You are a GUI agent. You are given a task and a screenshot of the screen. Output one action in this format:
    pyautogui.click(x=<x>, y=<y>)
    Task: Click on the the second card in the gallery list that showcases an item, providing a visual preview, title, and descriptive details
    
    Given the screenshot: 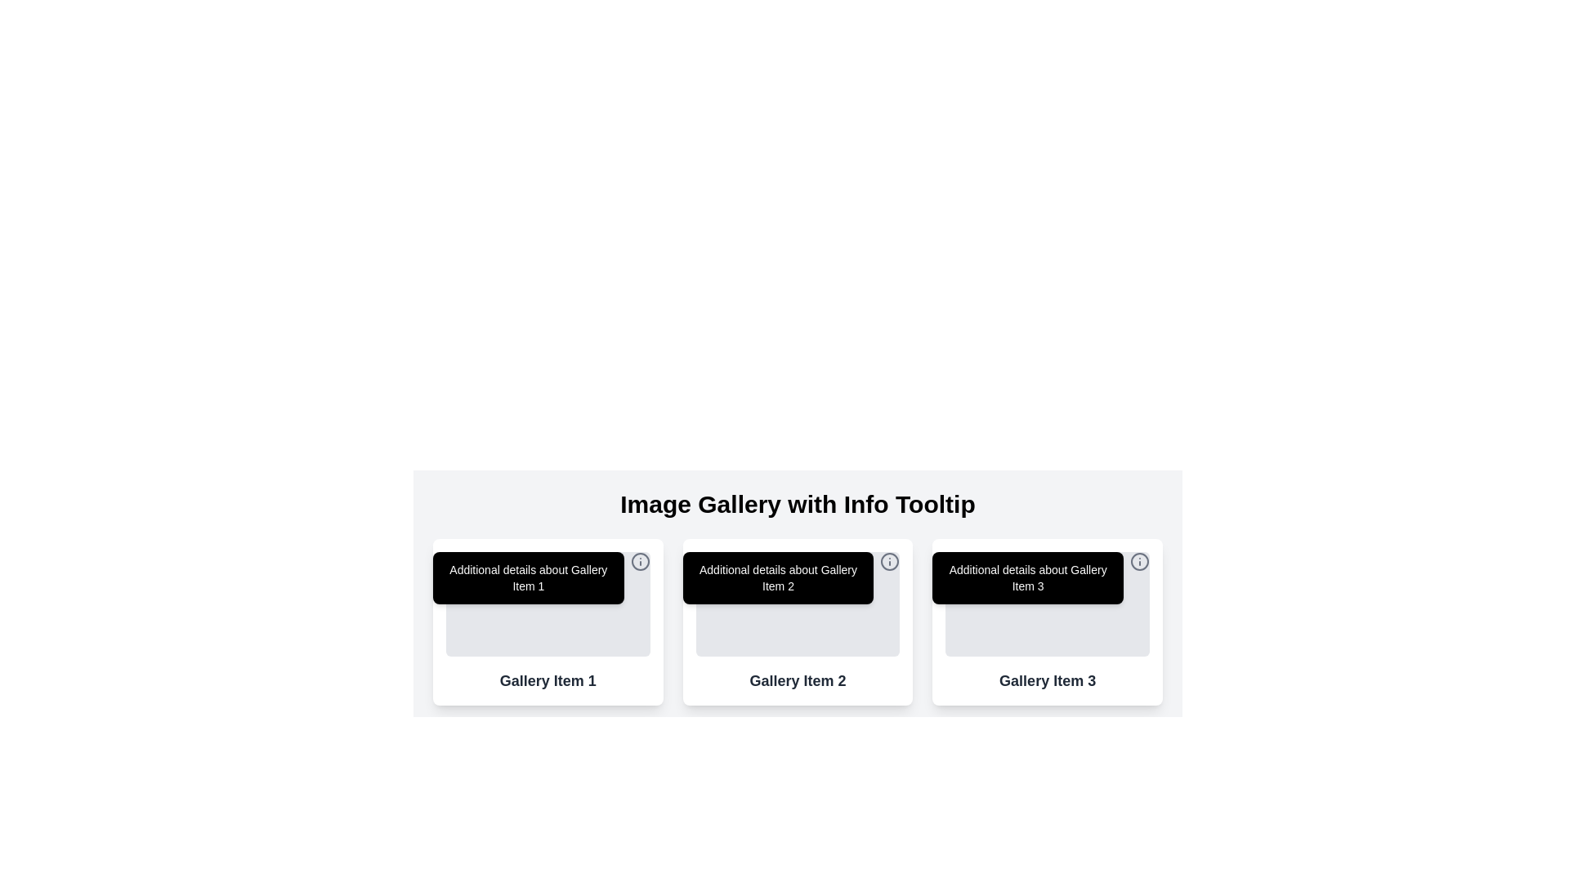 What is the action you would take?
    pyautogui.click(x=798, y=622)
    